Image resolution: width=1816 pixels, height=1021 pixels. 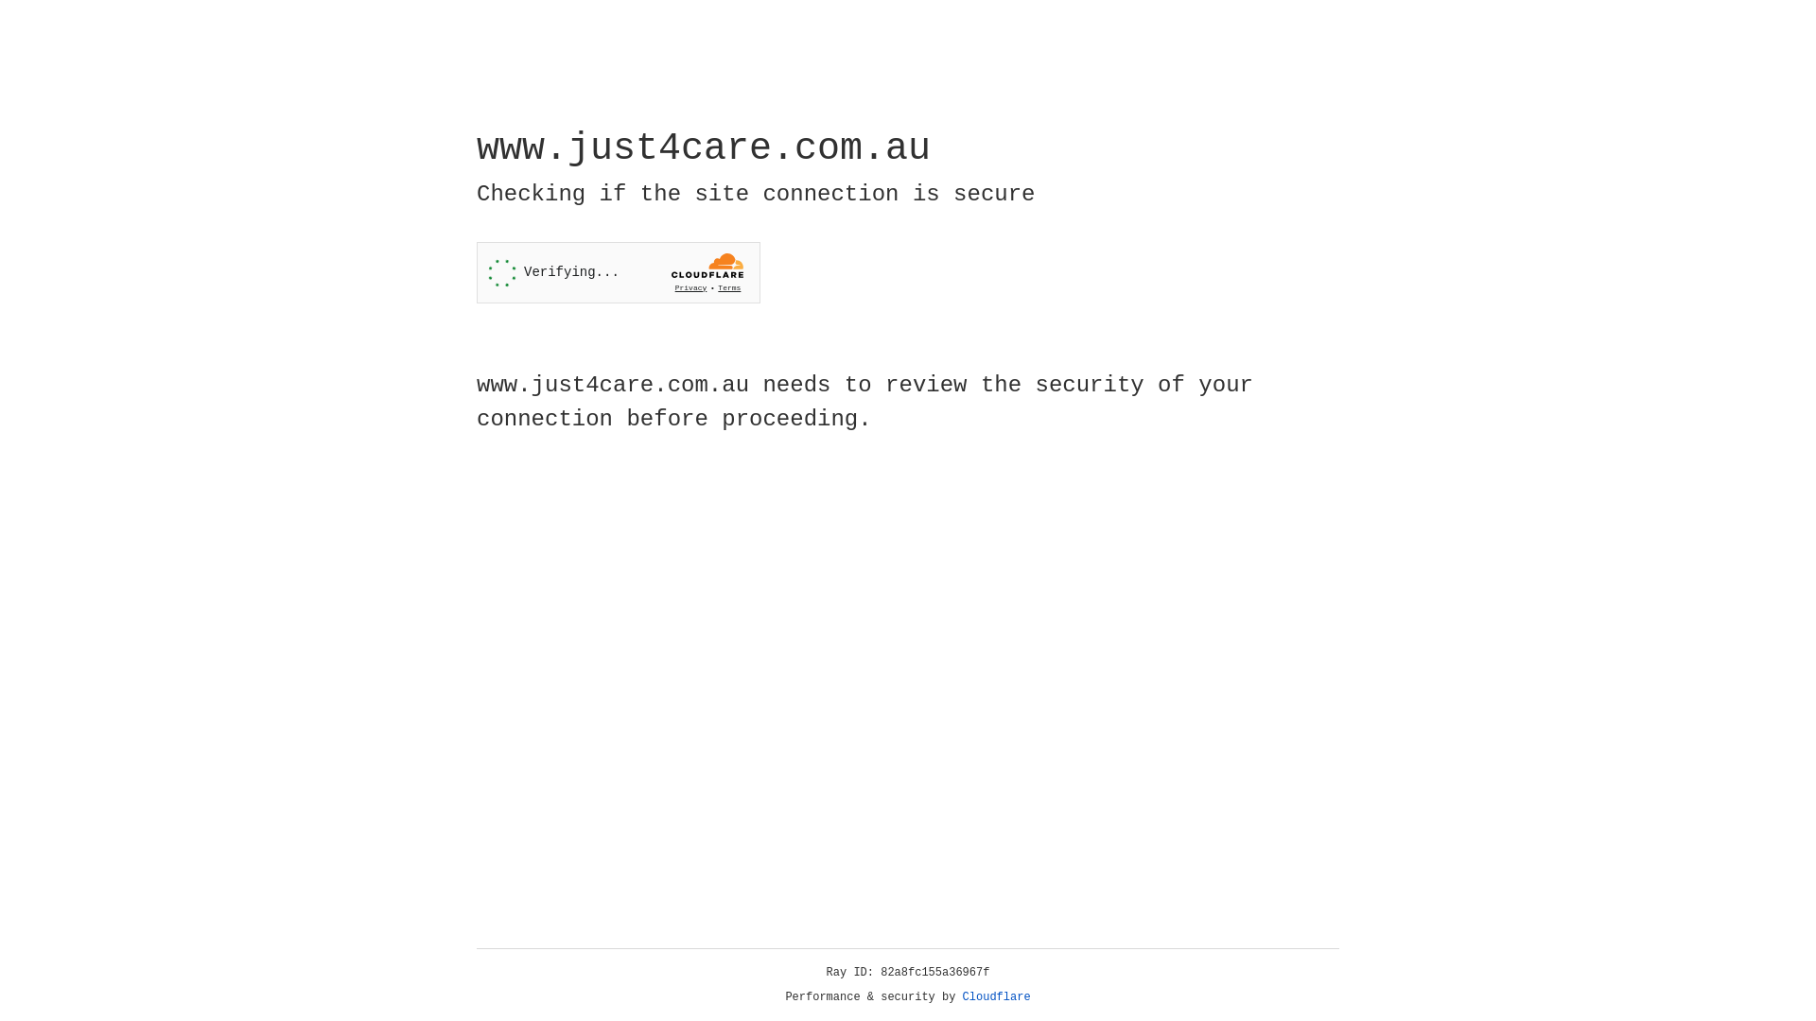 What do you see at coordinates (618, 272) in the screenshot?
I see `'Widget containing a Cloudflare security challenge'` at bounding box center [618, 272].